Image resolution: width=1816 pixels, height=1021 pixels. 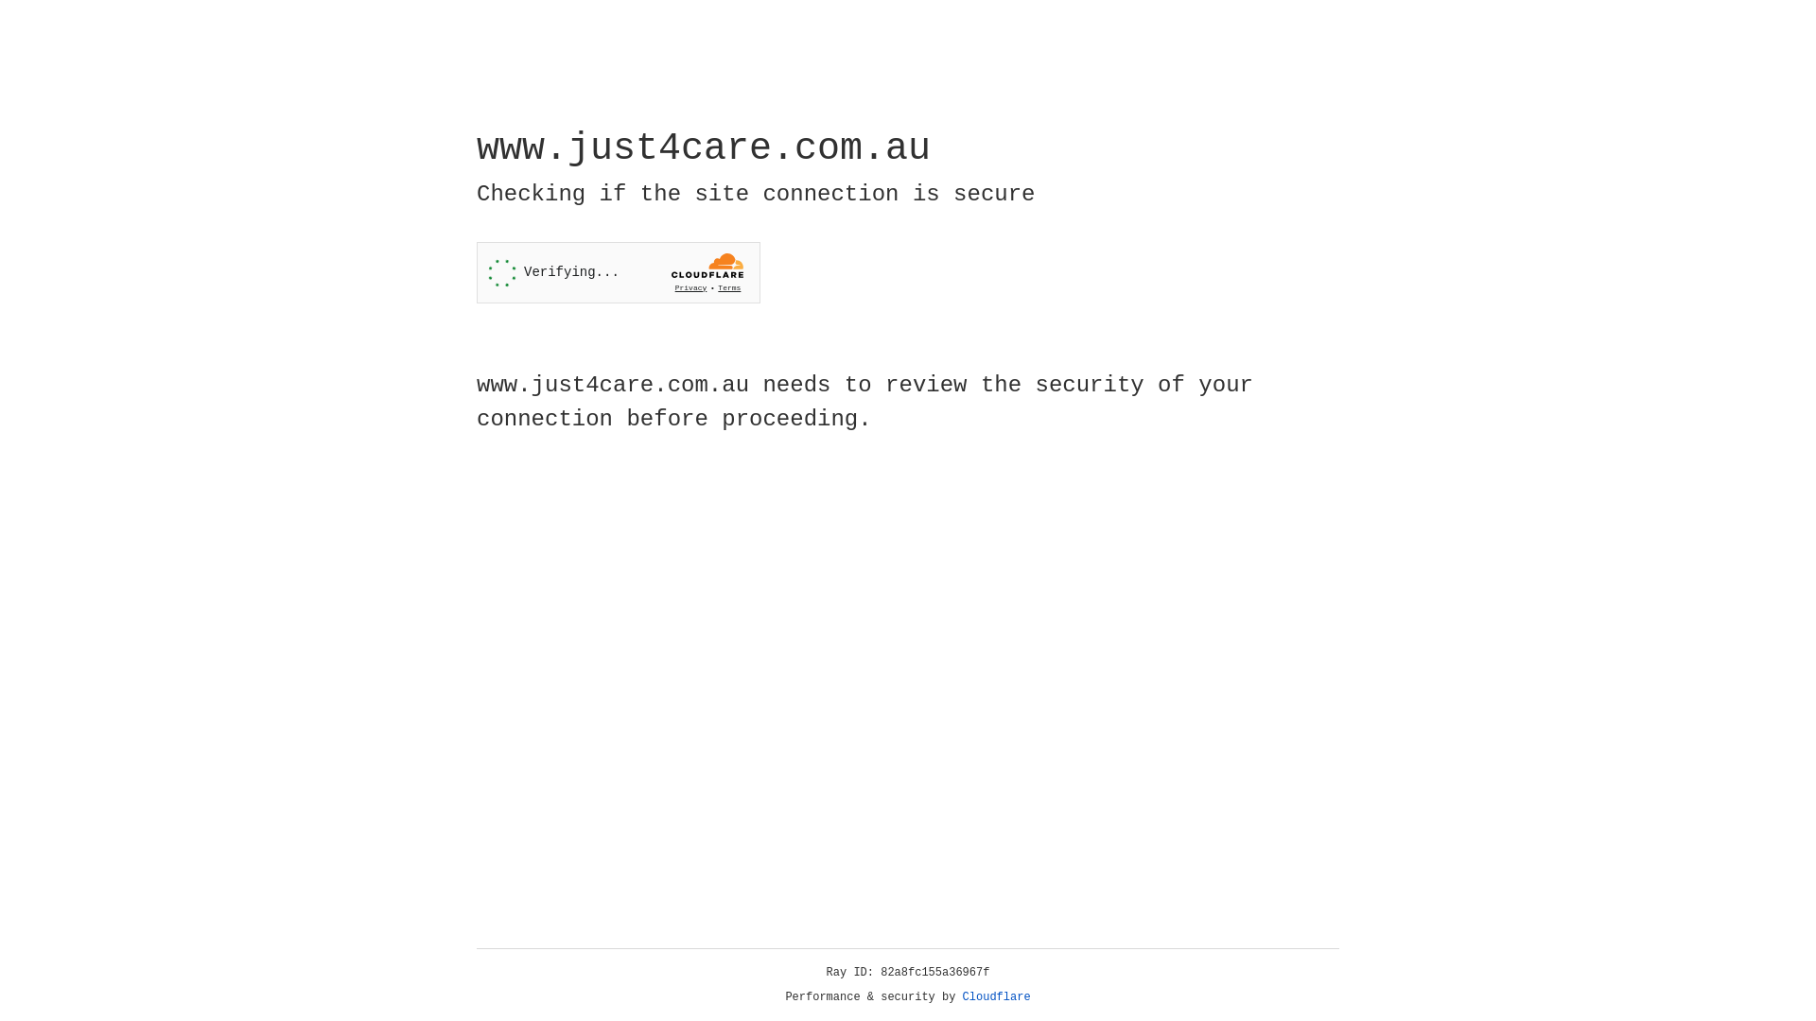 What do you see at coordinates (618, 272) in the screenshot?
I see `'Widget containing a Cloudflare security challenge'` at bounding box center [618, 272].